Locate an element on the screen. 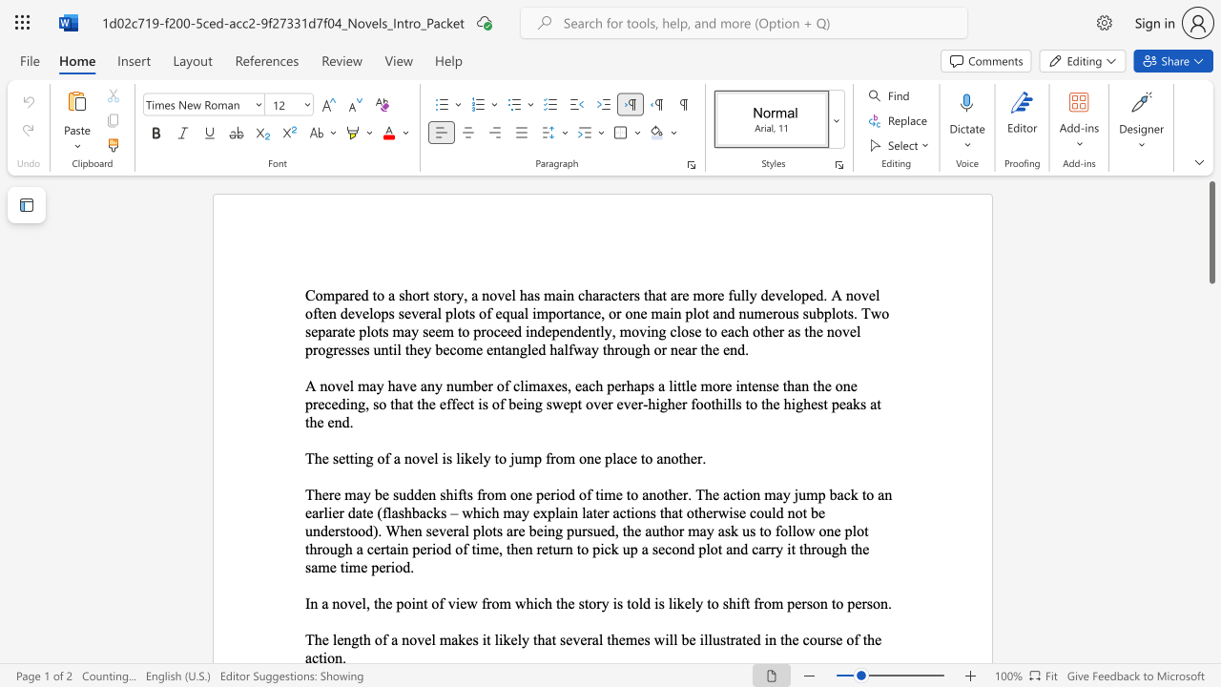 Image resolution: width=1221 pixels, height=687 pixels. the scrollbar to scroll the page down is located at coordinates (1211, 439).